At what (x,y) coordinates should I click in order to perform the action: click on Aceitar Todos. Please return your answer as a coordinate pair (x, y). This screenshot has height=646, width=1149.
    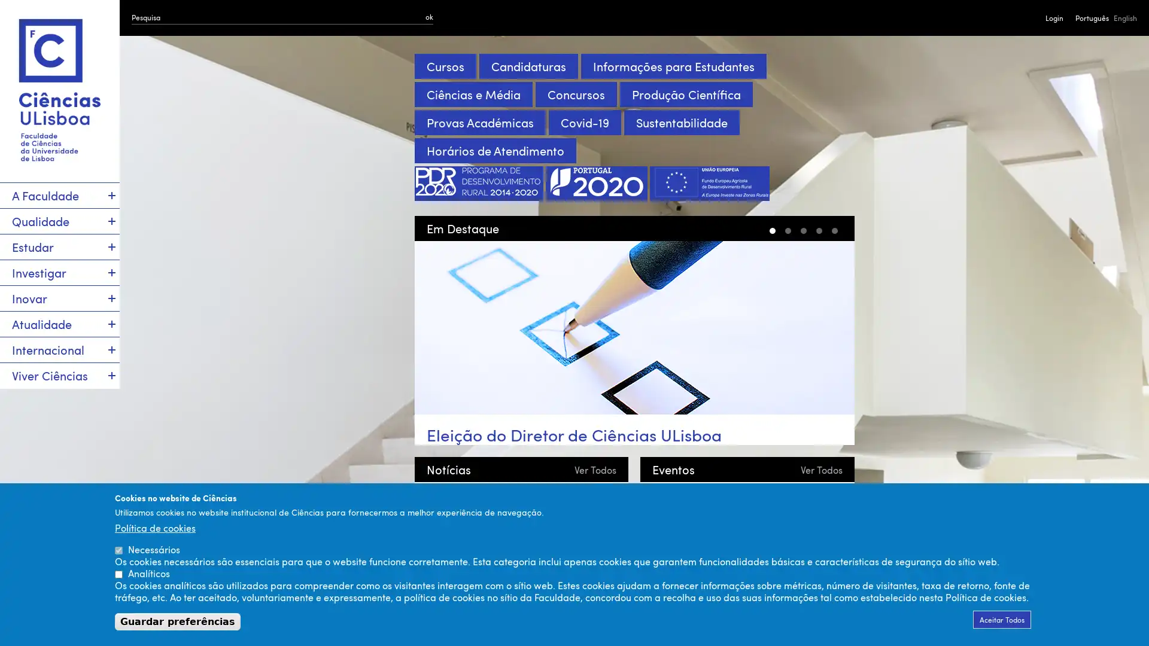
    Looking at the image, I should click on (1002, 619).